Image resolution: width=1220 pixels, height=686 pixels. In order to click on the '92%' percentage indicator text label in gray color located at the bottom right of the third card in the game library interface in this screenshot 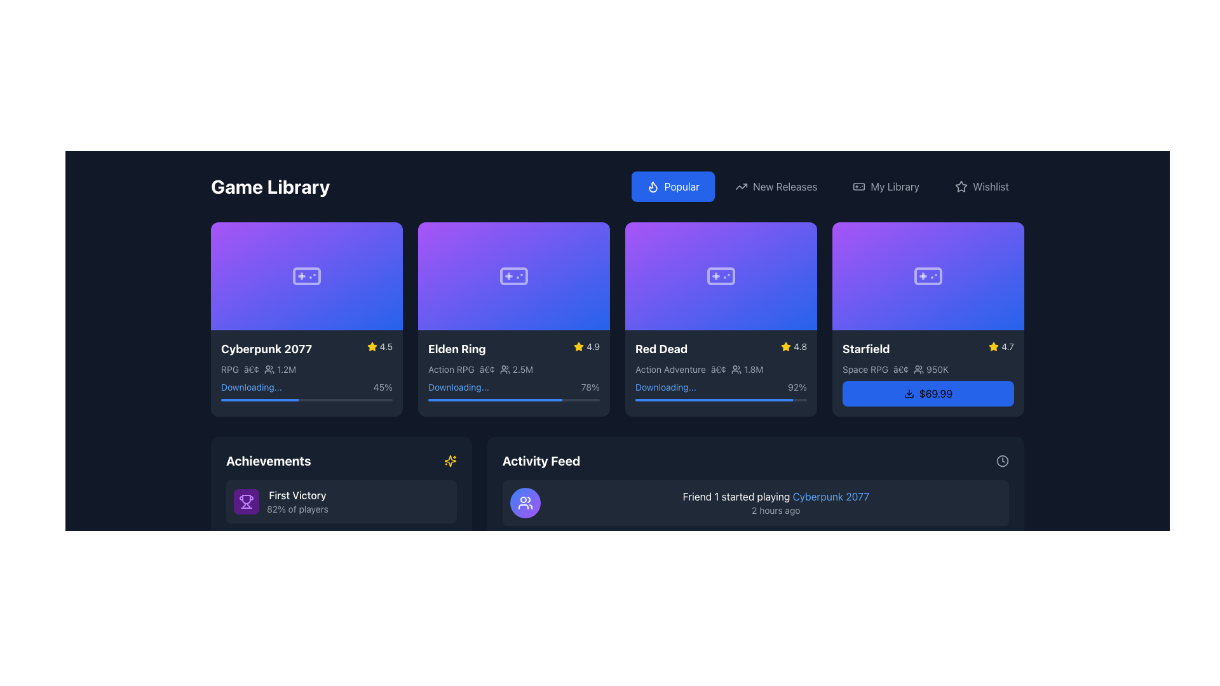, I will do `click(797, 386)`.